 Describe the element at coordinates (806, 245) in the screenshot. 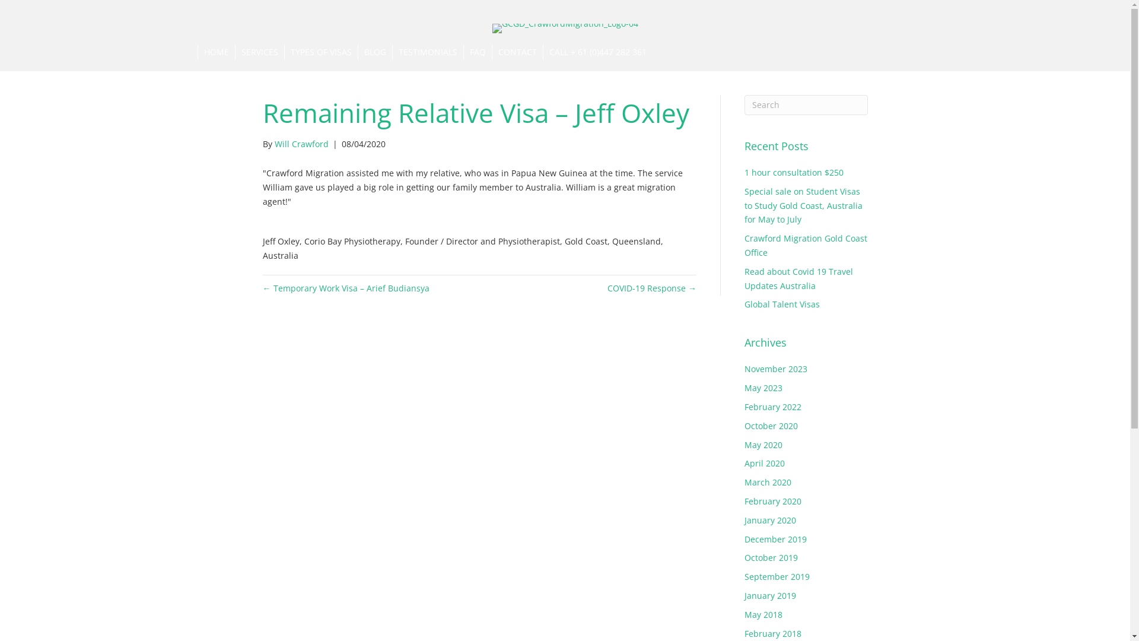

I see `'Crawford Migration Gold Coast Office'` at that location.